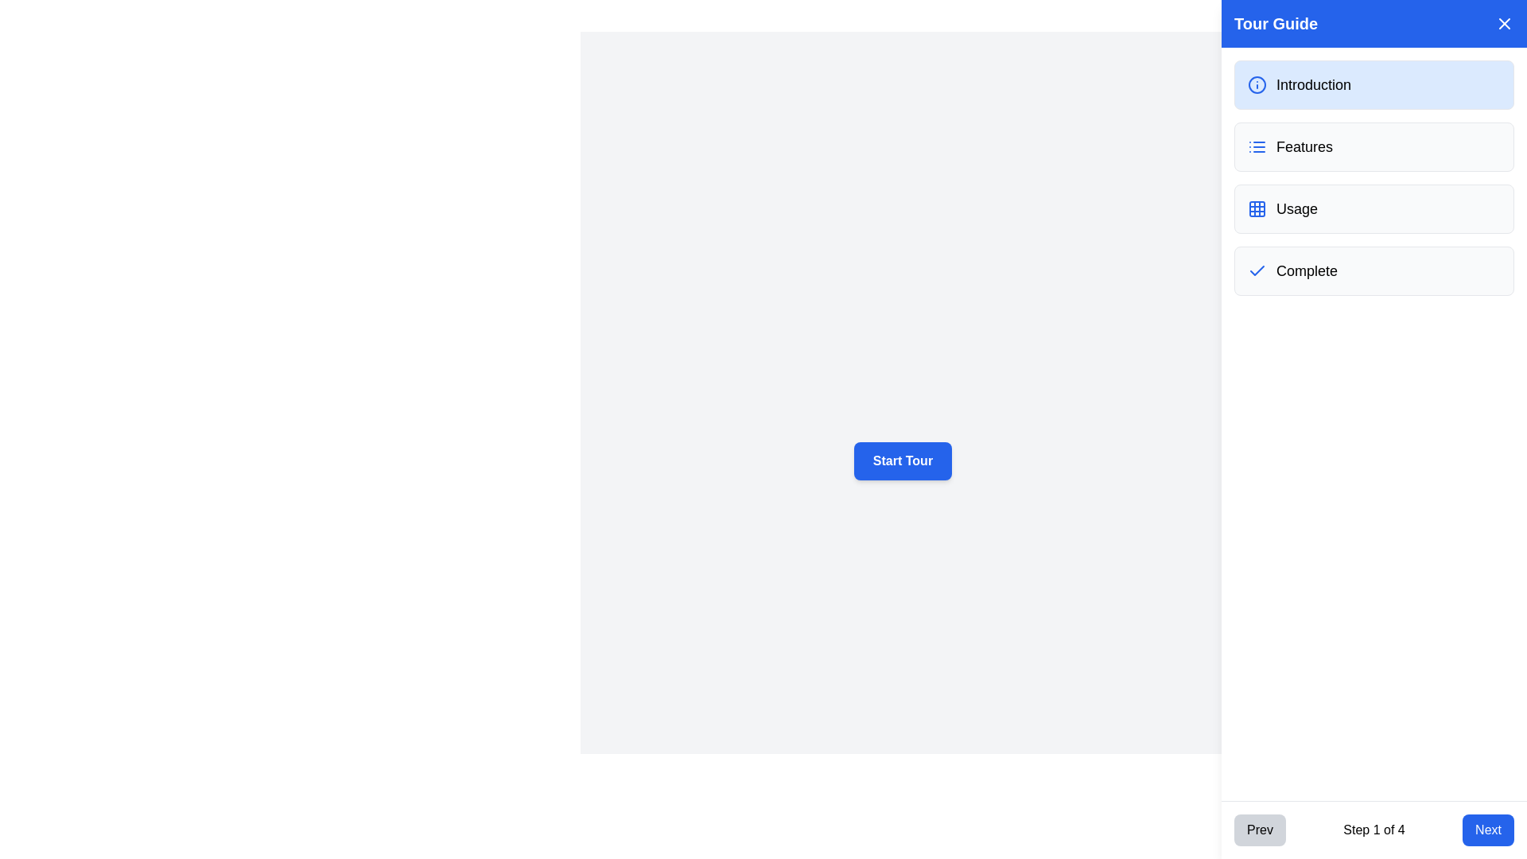 The image size is (1527, 859). Describe the element at coordinates (1256, 208) in the screenshot. I see `the blue rounded square icon located in the top-left cell of the 3x3 grid icon within the 'Tour Guide' sidebar` at that location.